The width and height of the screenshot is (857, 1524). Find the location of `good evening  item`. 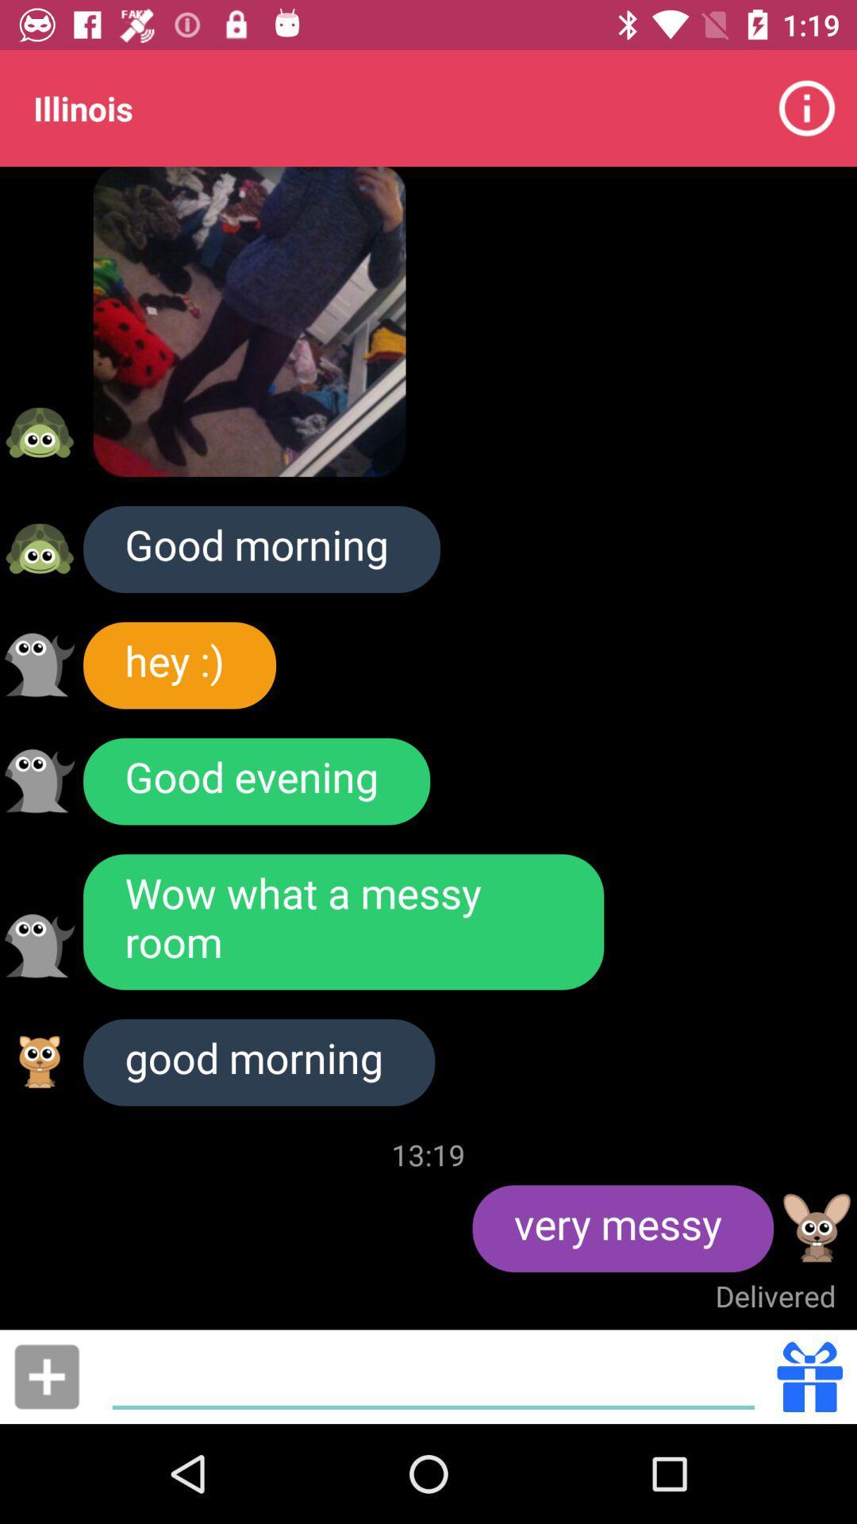

good evening  item is located at coordinates (256, 781).